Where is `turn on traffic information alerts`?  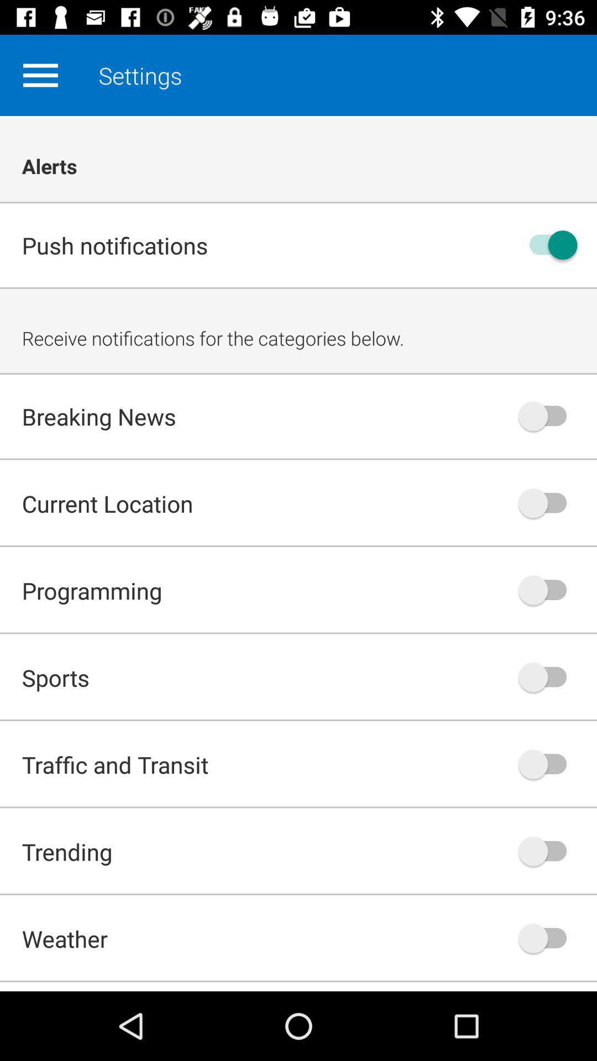 turn on traffic information alerts is located at coordinates (548, 764).